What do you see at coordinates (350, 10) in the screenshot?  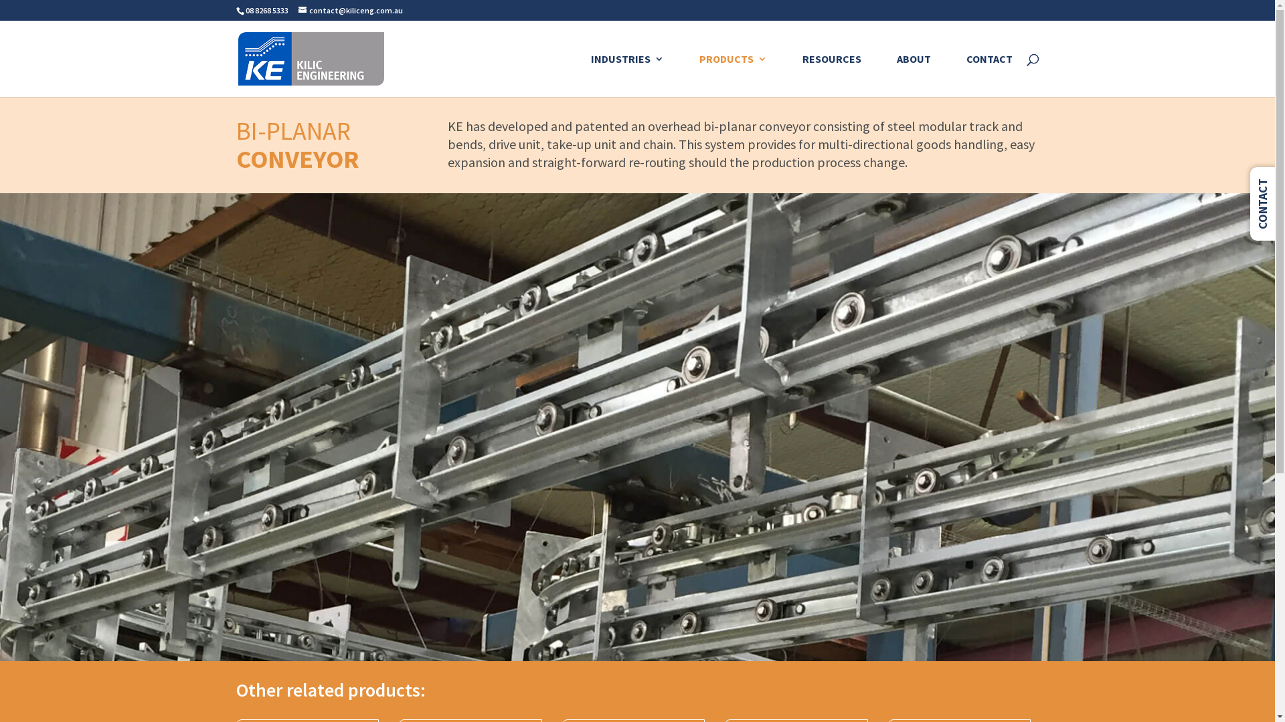 I see `'contact@kiliceng.com.au'` at bounding box center [350, 10].